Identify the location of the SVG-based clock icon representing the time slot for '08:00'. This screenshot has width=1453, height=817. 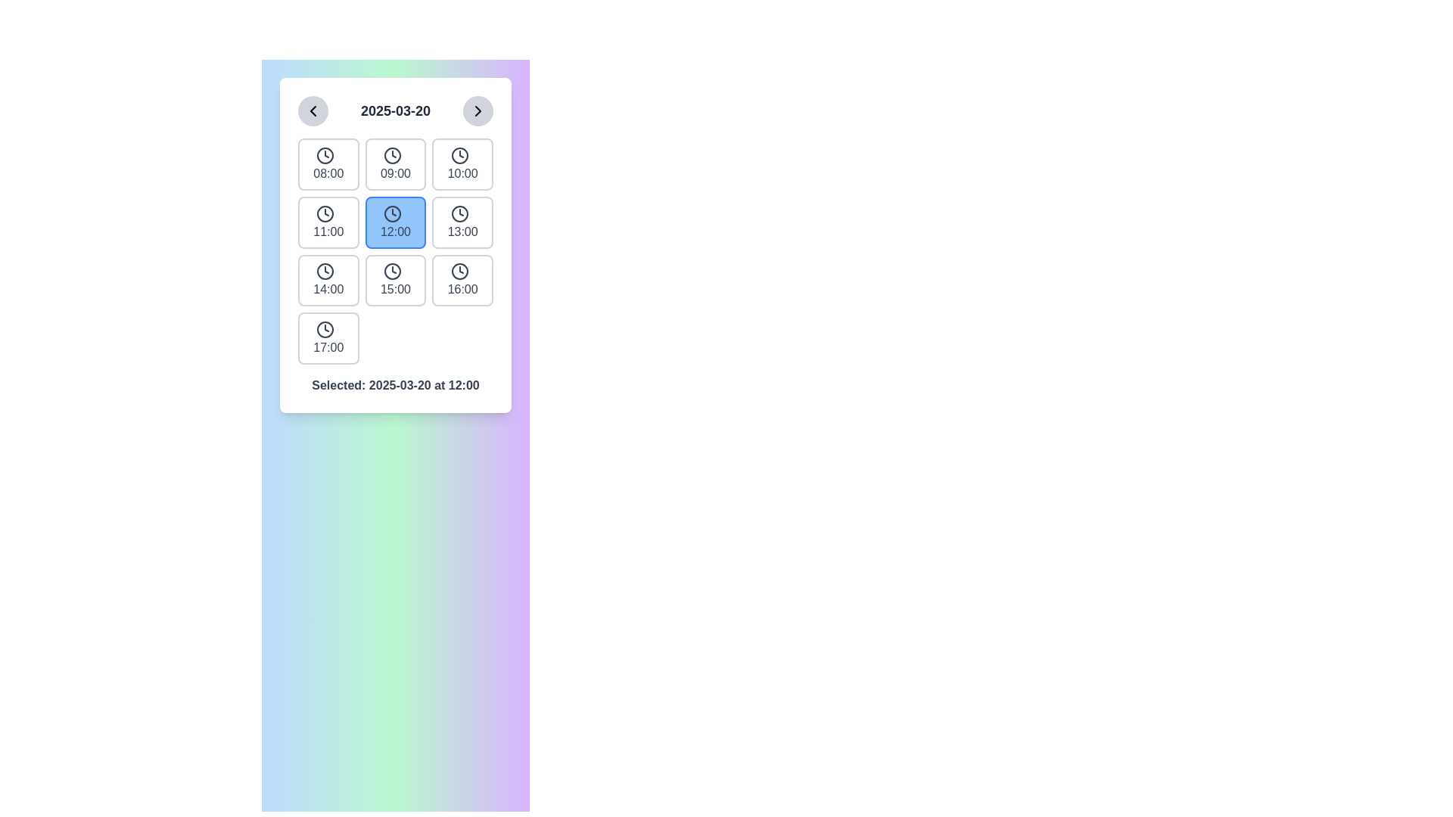
(325, 155).